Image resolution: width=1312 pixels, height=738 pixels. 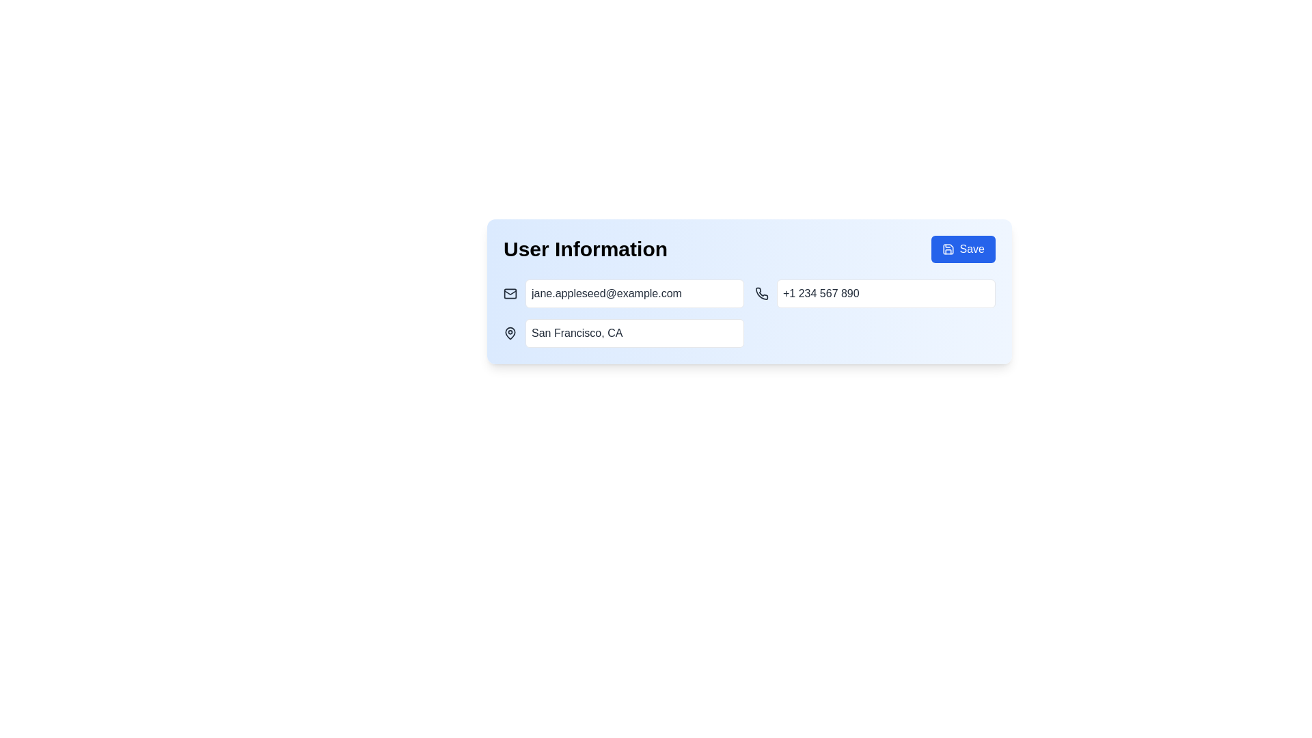 What do you see at coordinates (962, 249) in the screenshot?
I see `the 'Save' button with a blue background and a floppy disk icon, located in the top-right corner of the 'User Information' section` at bounding box center [962, 249].